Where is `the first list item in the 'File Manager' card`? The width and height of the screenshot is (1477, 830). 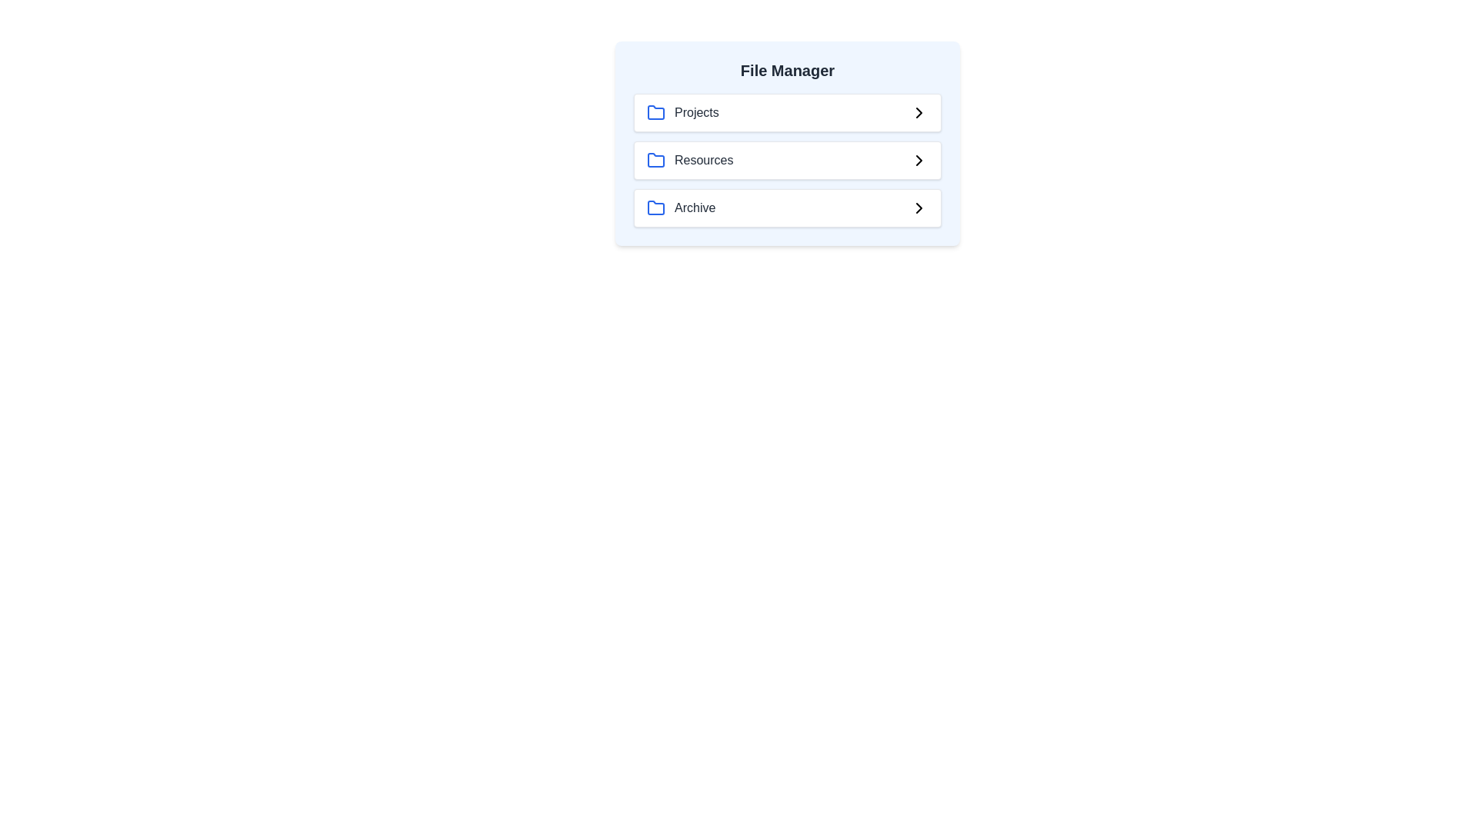 the first list item in the 'File Manager' card is located at coordinates (787, 111).